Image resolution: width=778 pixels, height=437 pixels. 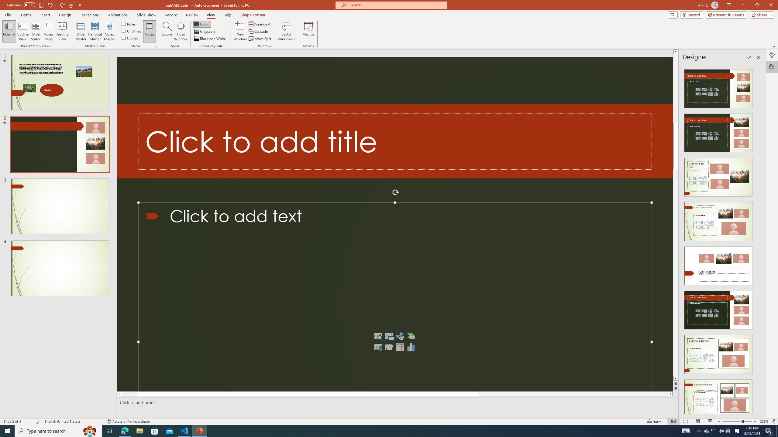 What do you see at coordinates (389, 347) in the screenshot?
I see `'Insert Video'` at bounding box center [389, 347].